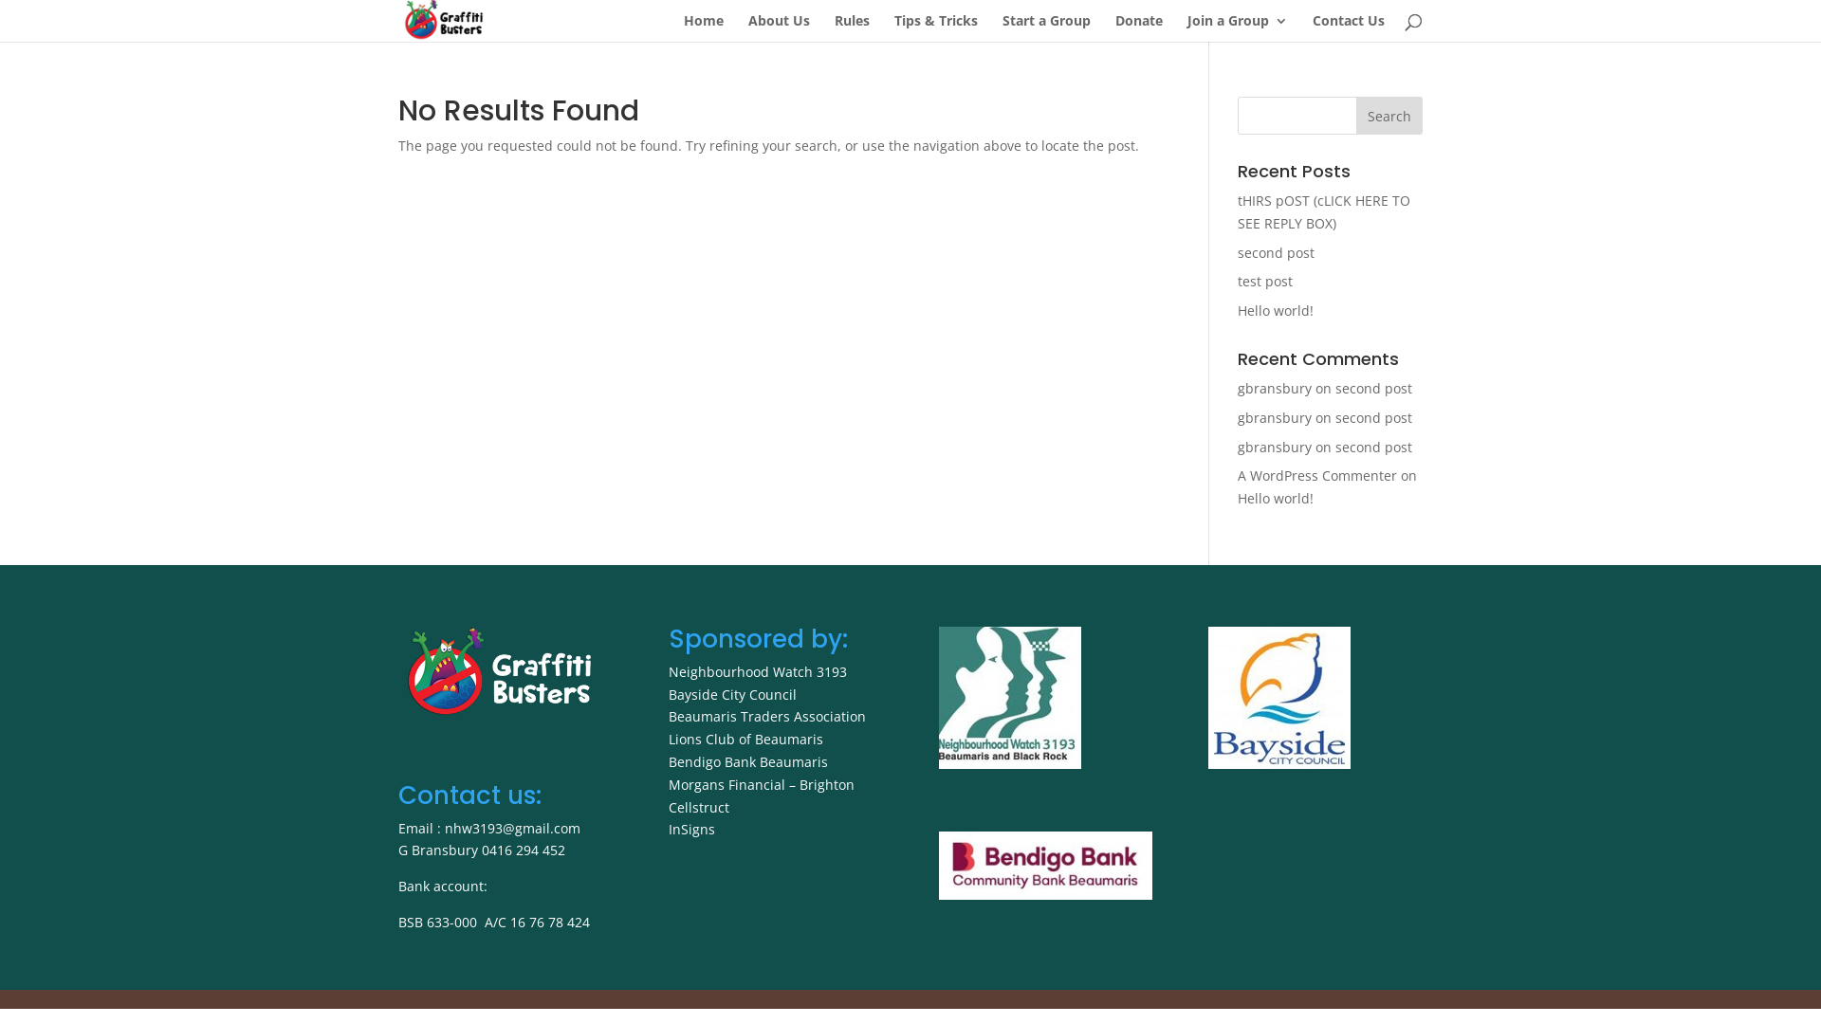 The width and height of the screenshot is (1821, 1024). Describe the element at coordinates (1275, 447) in the screenshot. I see `'gbransbury'` at that location.